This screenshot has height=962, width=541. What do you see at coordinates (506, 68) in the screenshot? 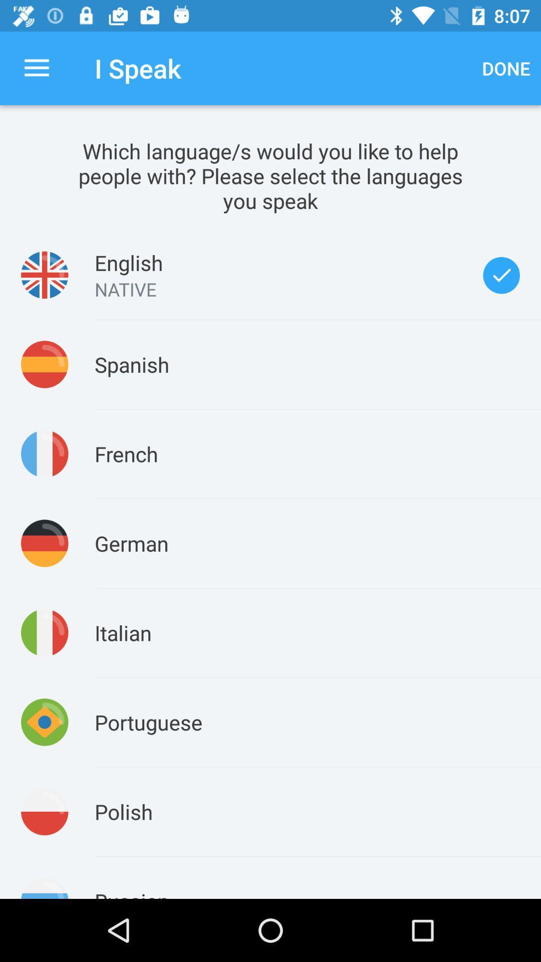
I see `the icon next to the i speak app` at bounding box center [506, 68].